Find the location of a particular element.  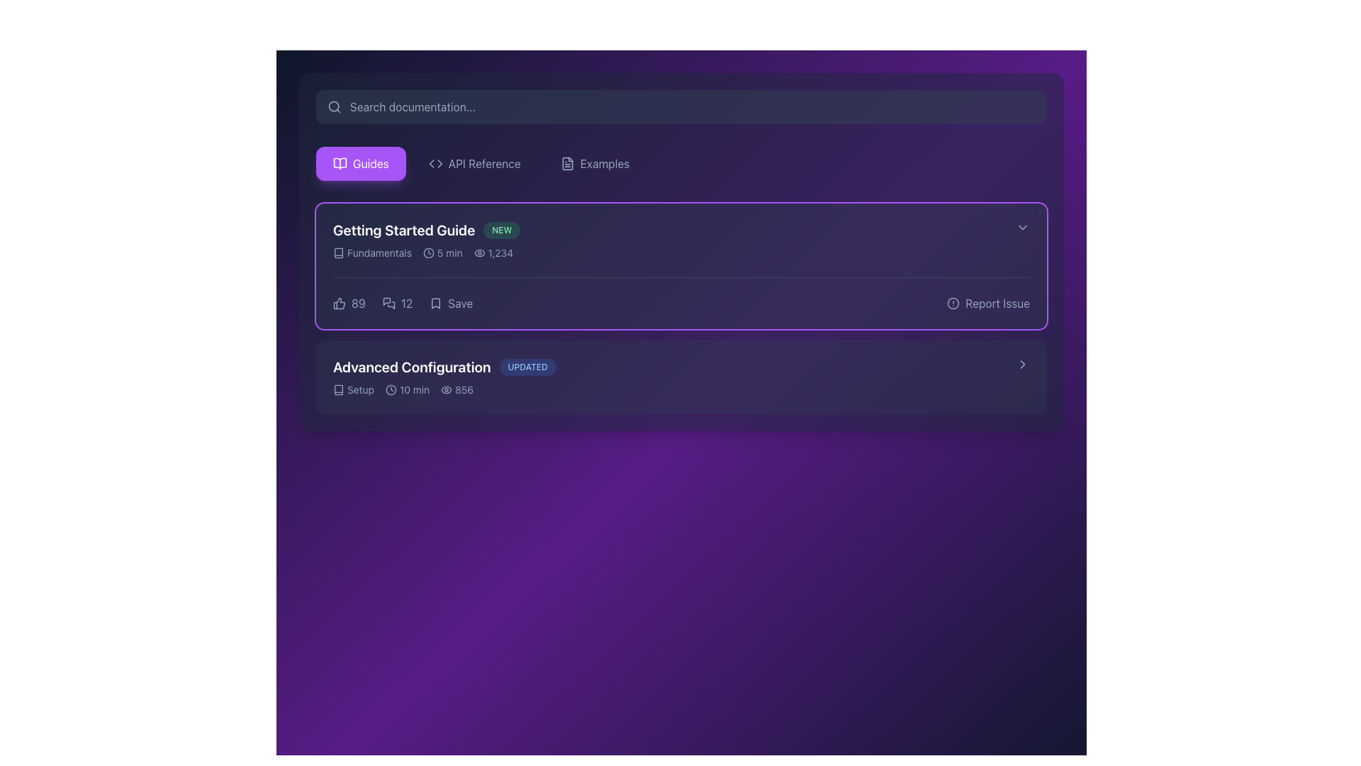

the Label displaying the text '856' in light gray color located in the 'Advanced Configuration' section, positioned to the right of the eye-shaped icon is located at coordinates (464, 390).